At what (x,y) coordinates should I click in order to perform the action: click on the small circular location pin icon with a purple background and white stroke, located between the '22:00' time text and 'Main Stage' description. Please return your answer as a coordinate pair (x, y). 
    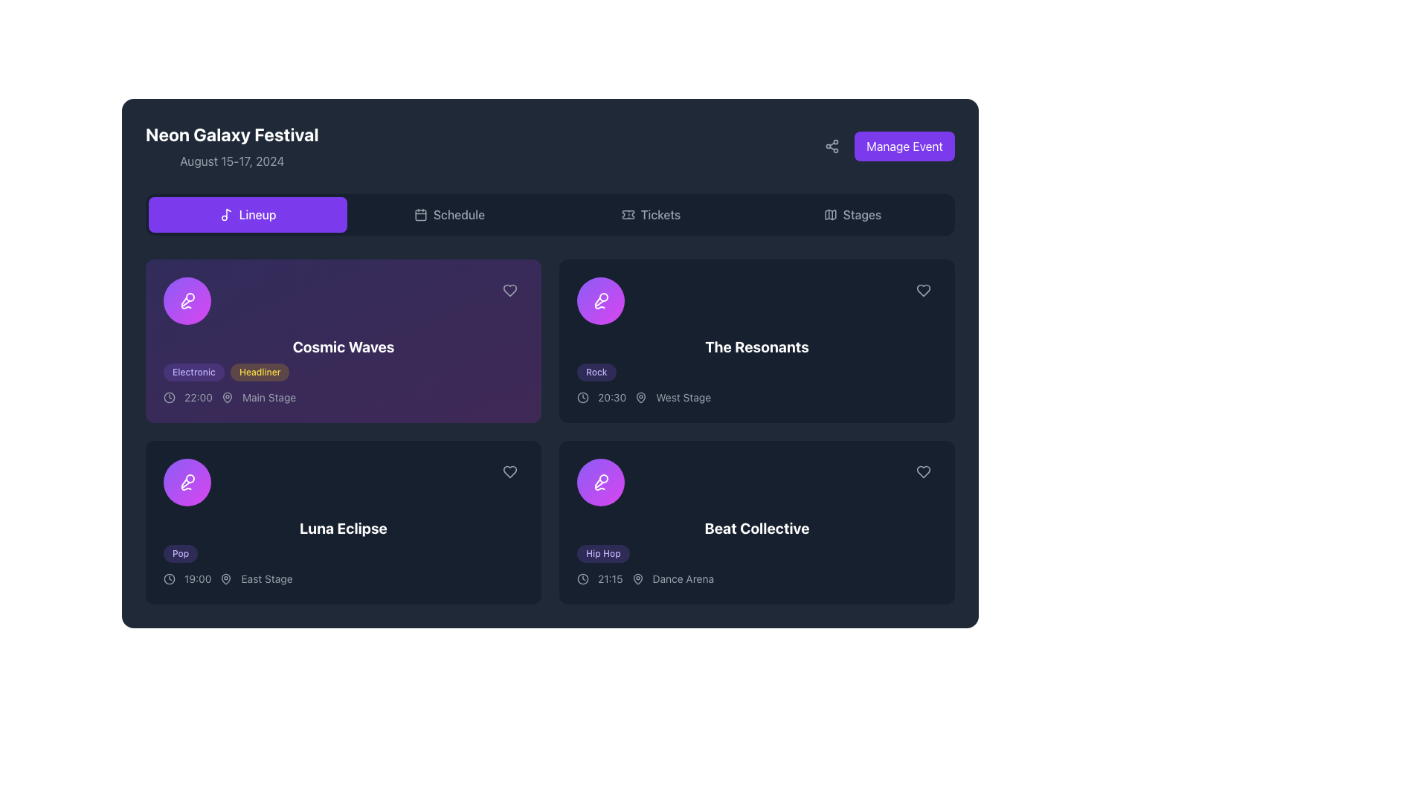
    Looking at the image, I should click on (226, 397).